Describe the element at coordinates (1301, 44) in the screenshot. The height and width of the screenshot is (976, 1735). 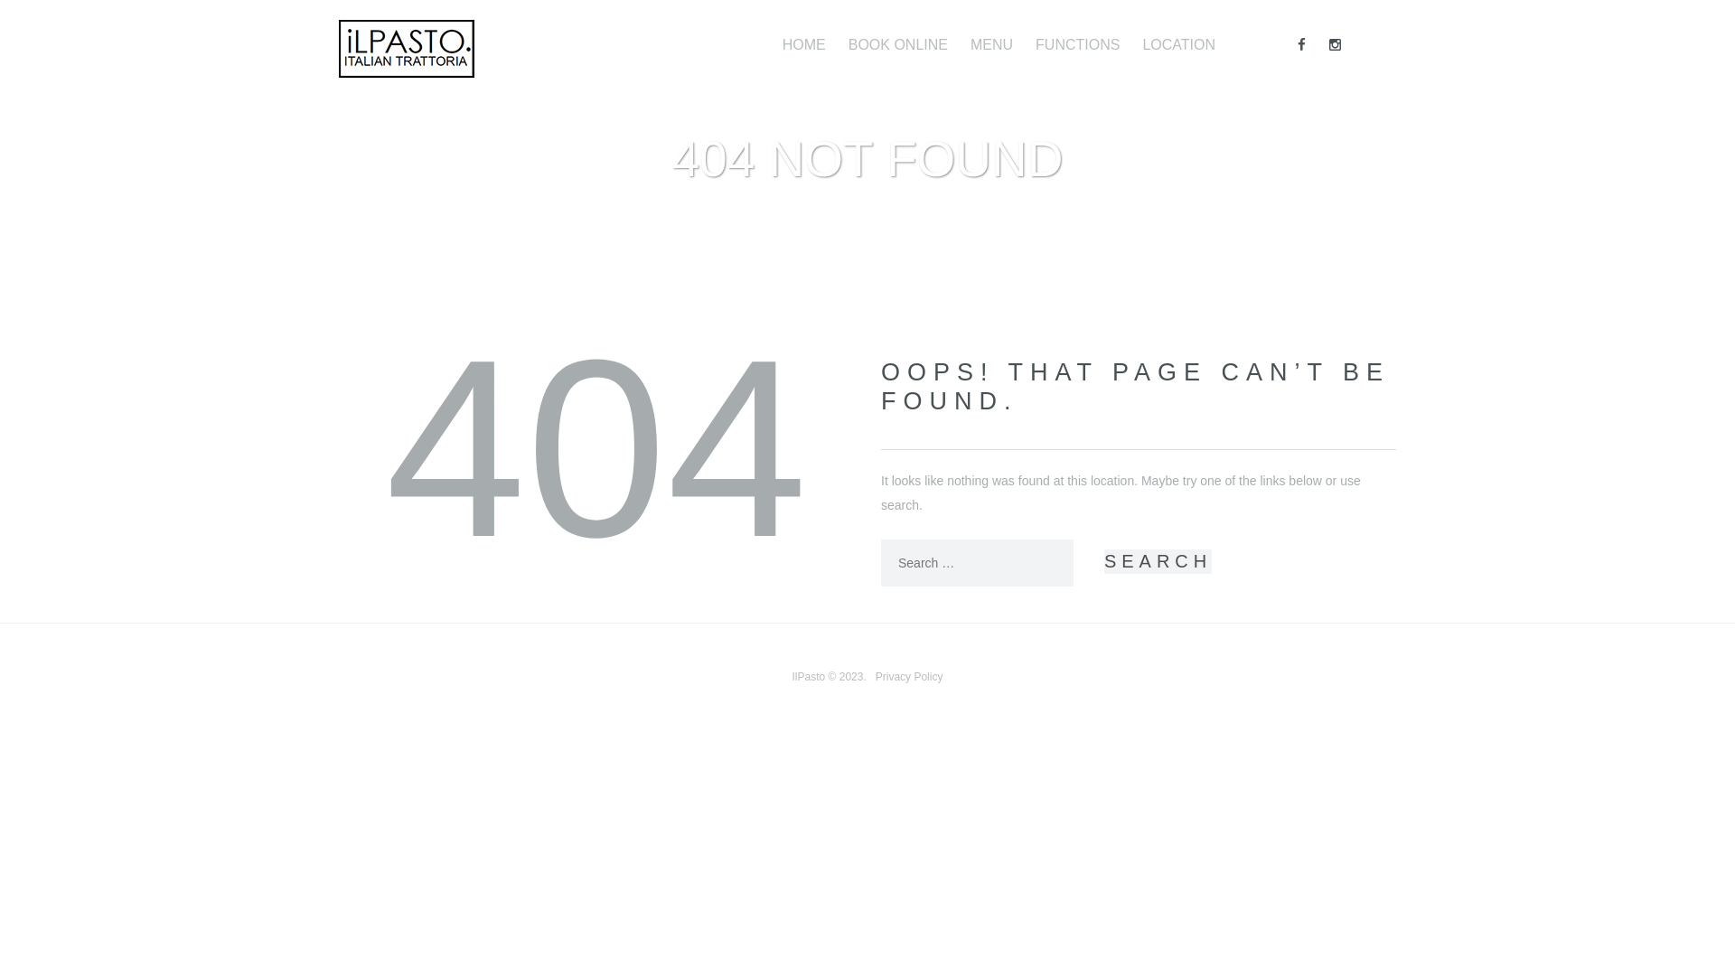
I see `'Facebook'` at that location.